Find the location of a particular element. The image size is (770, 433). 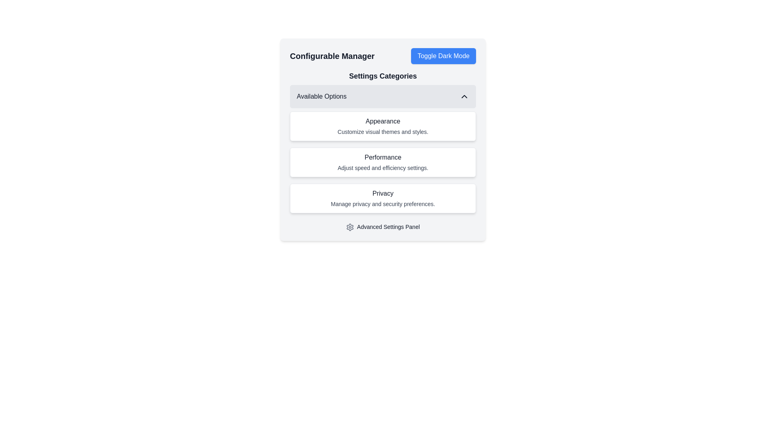

the 'Appearance' section header which contains the descriptive text 'Customize visual themes and styles.' is located at coordinates (383, 126).